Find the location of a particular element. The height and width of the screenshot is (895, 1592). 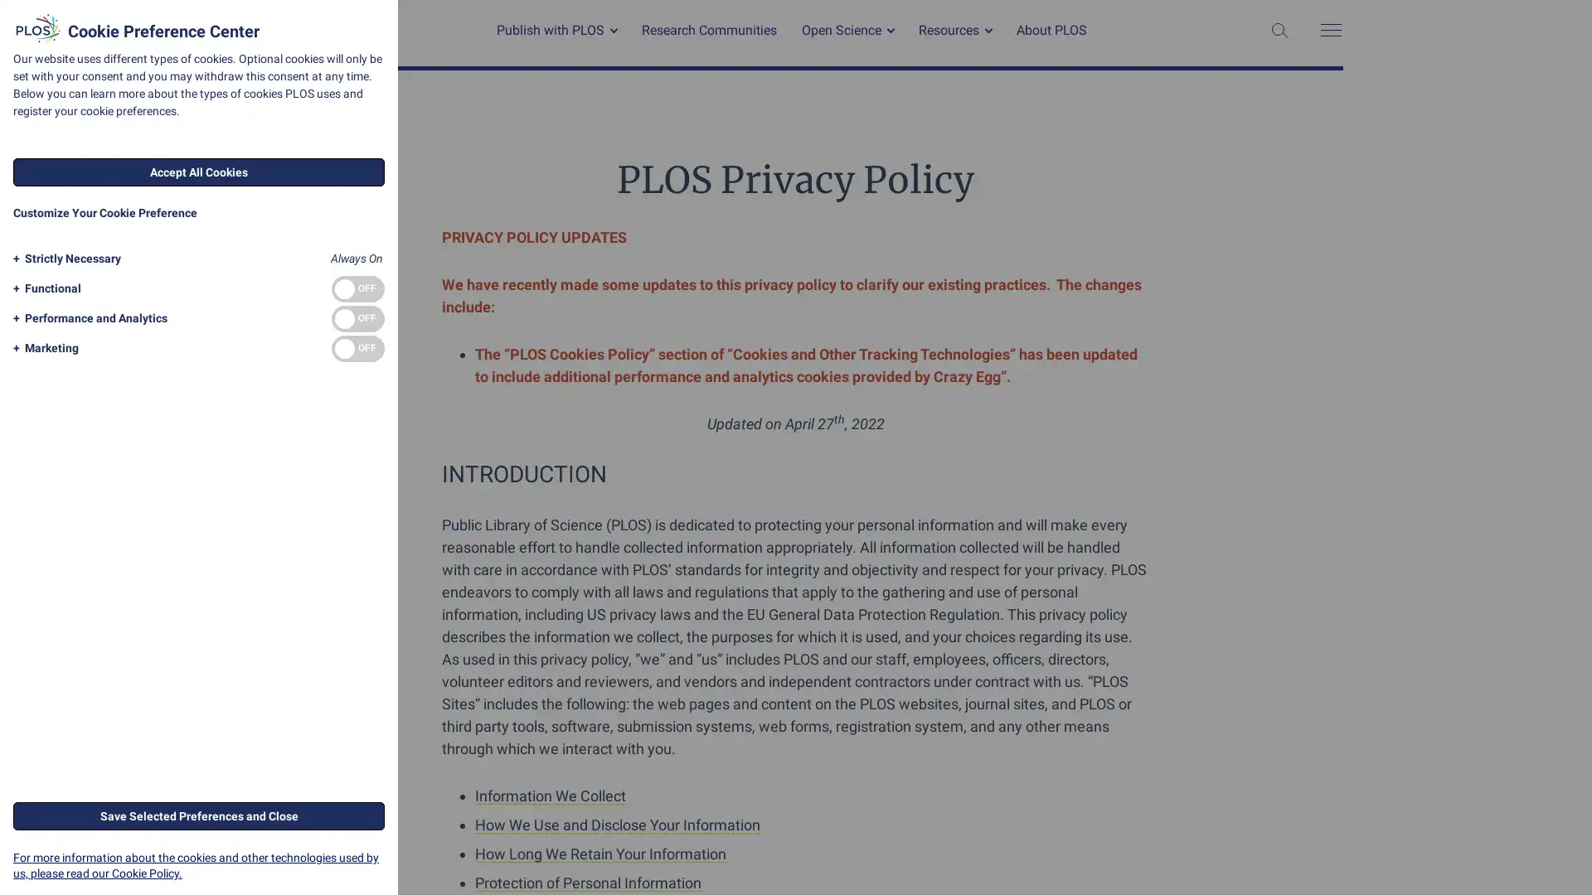

Toggle explanation of Strictly Necessary Cookies. is located at coordinates (64, 259).